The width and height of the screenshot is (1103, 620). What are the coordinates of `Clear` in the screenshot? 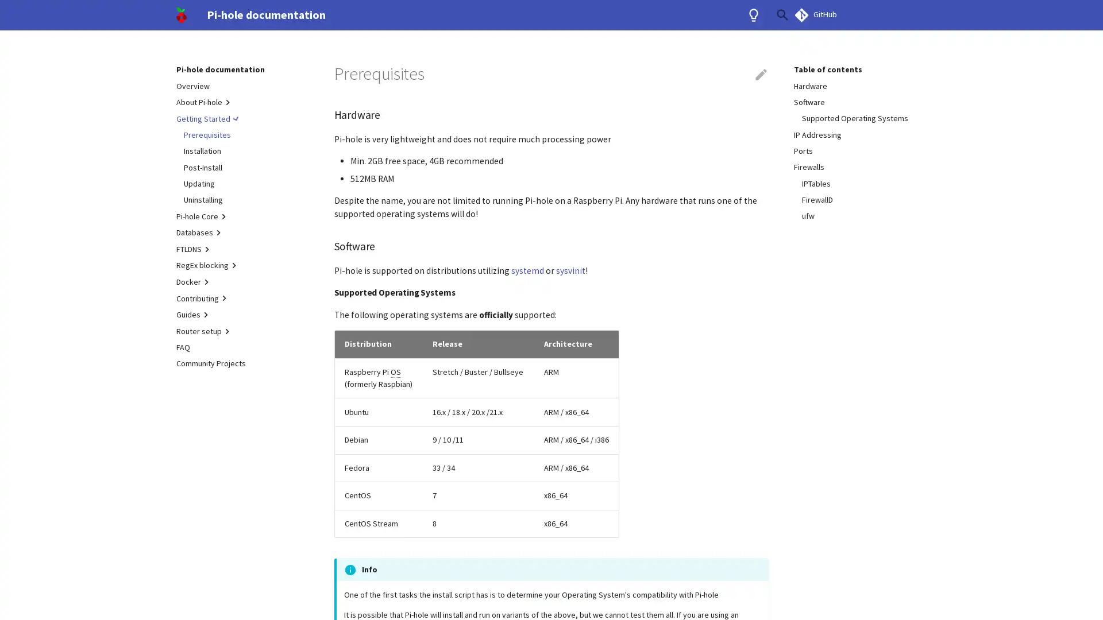 It's located at (755, 15).